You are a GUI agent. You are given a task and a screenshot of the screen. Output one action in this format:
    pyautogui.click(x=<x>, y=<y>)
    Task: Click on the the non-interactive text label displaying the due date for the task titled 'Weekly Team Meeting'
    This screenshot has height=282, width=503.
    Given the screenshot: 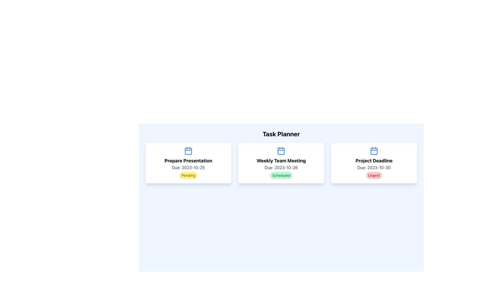 What is the action you would take?
    pyautogui.click(x=281, y=167)
    